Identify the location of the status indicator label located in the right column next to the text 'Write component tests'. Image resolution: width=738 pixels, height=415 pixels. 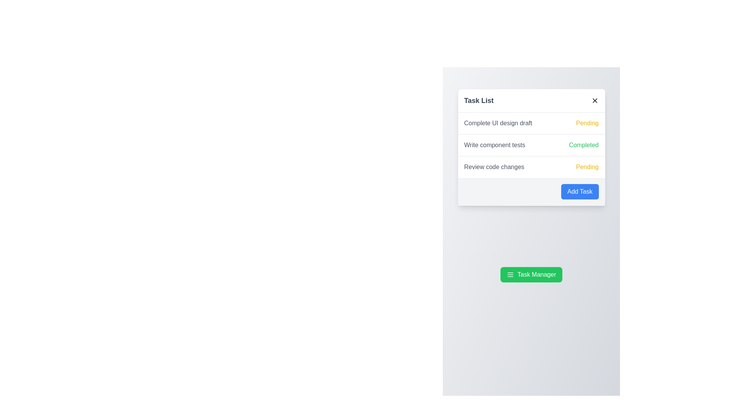
(583, 145).